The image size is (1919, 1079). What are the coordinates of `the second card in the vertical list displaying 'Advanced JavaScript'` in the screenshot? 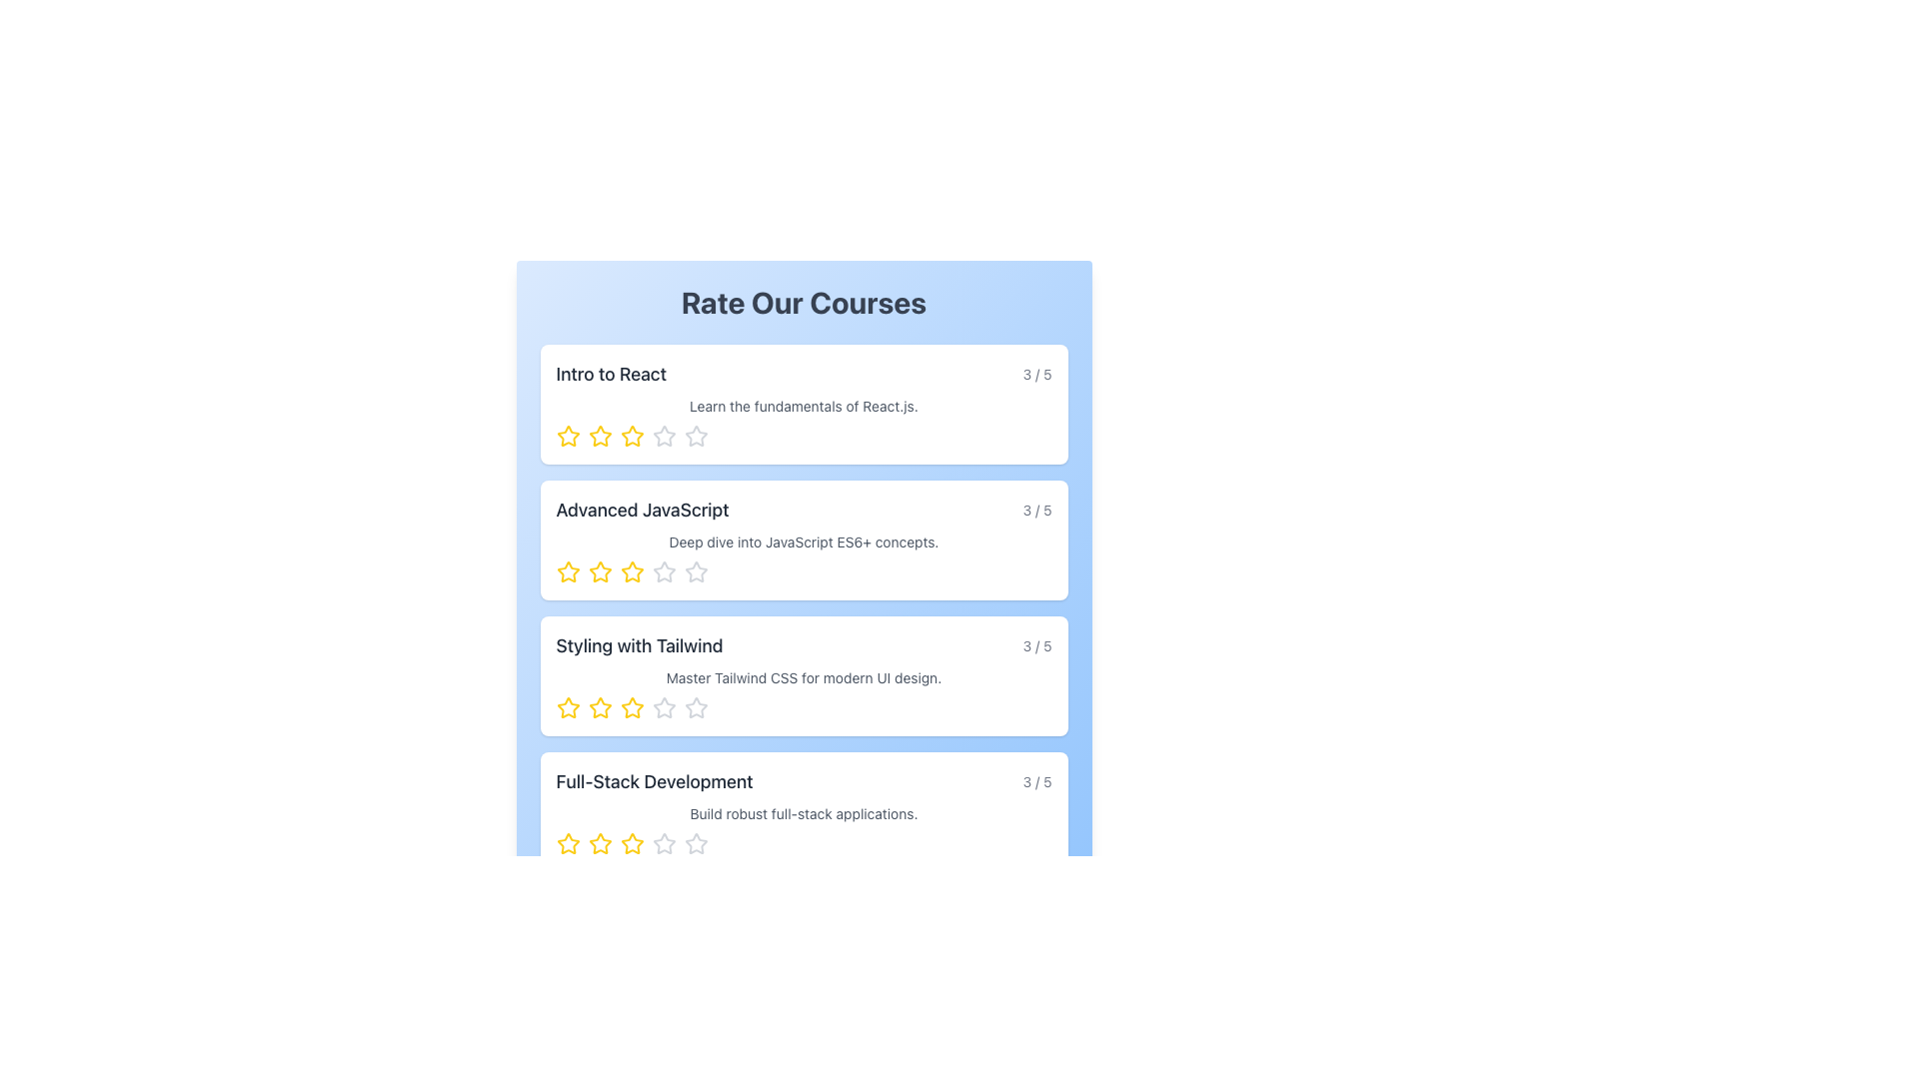 It's located at (804, 539).